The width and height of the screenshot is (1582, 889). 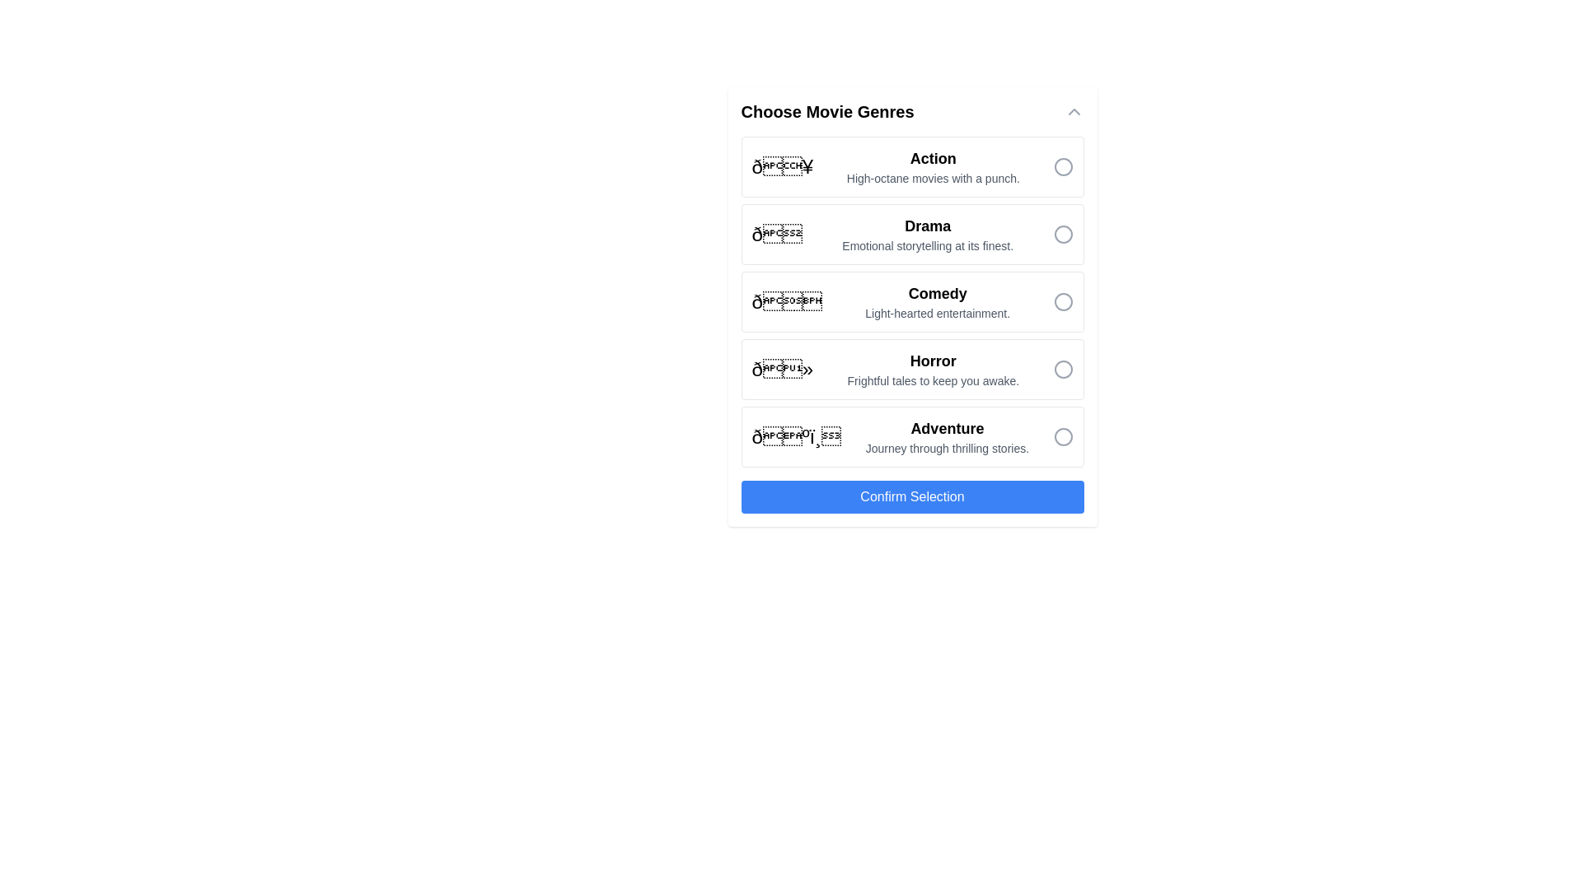 What do you see at coordinates (1063, 368) in the screenshot?
I see `the checkbox for the 'Horror' movie genre option located to the rightmost side of the row adjacent to the text 'Frightful tales to keep you awake.'` at bounding box center [1063, 368].